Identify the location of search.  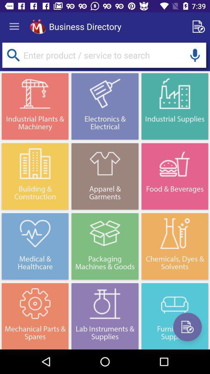
(13, 55).